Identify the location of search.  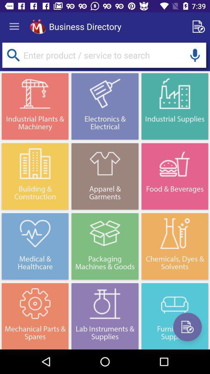
(13, 55).